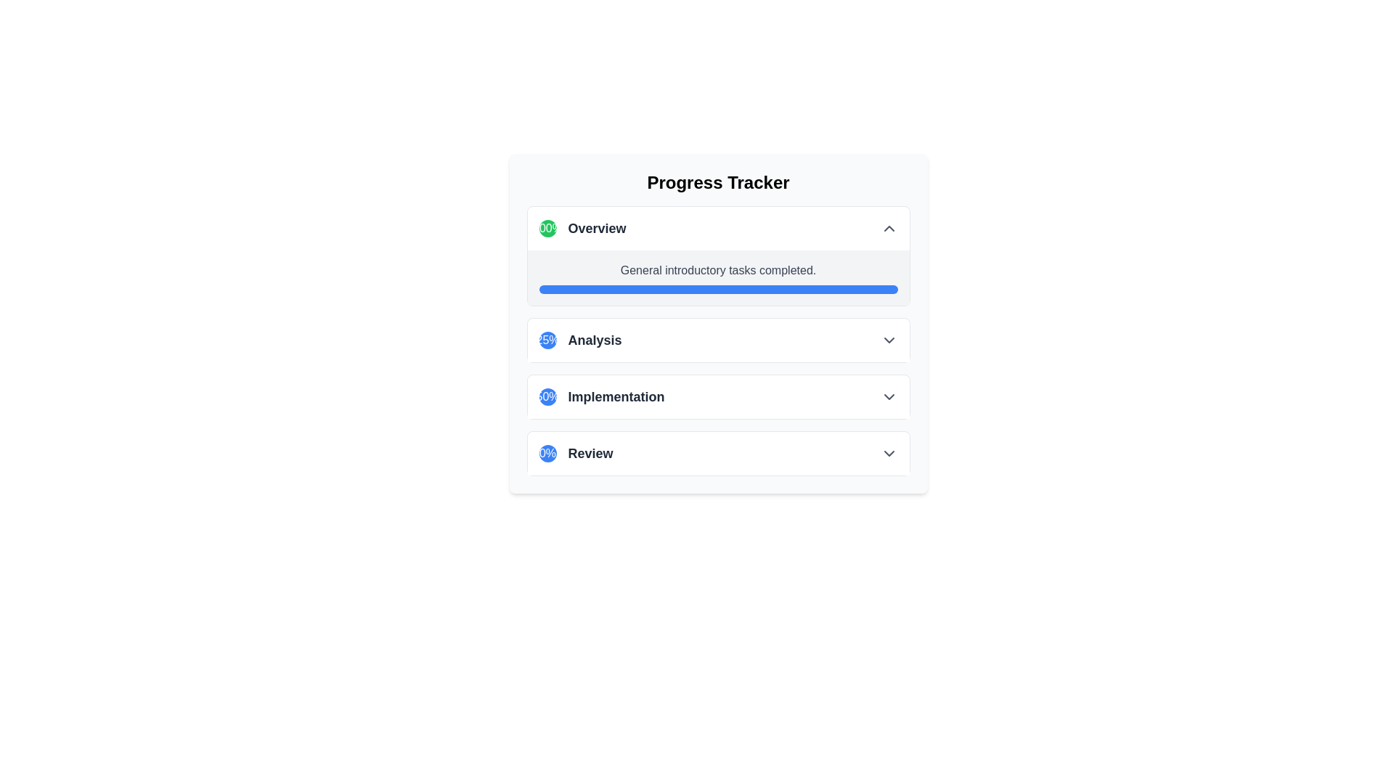  Describe the element at coordinates (718, 277) in the screenshot. I see `the progress percentage from the progress bar located below the 'Overview' header in the progress tracker component` at that location.